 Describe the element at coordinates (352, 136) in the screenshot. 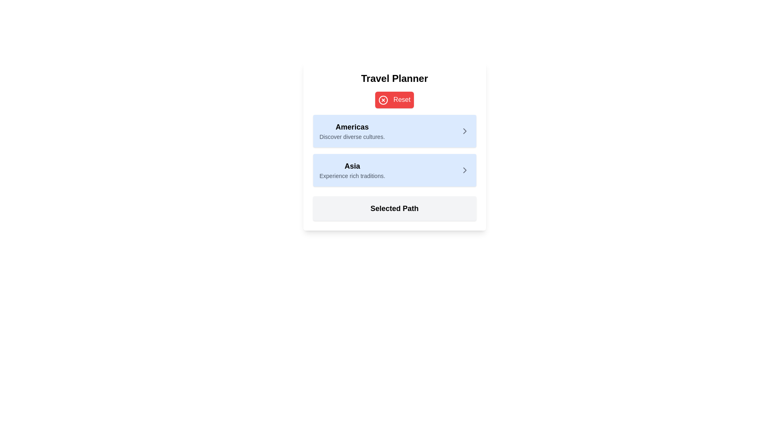

I see `the static text label providing supplementary information about the 'Americas' section, located below the heading 'Americas' within a blue background` at that location.